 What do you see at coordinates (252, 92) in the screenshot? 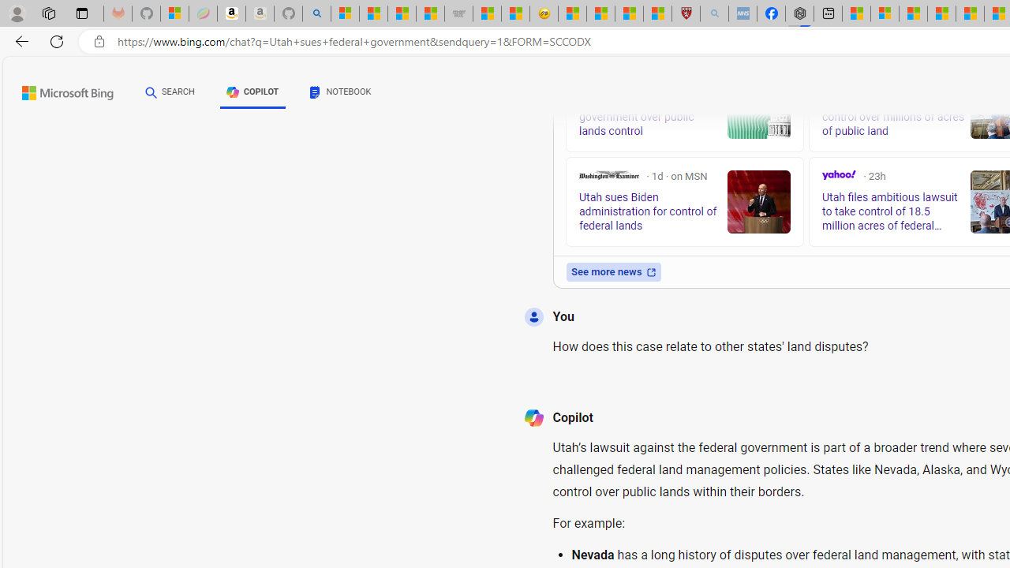
I see `'COPILOT'` at bounding box center [252, 92].